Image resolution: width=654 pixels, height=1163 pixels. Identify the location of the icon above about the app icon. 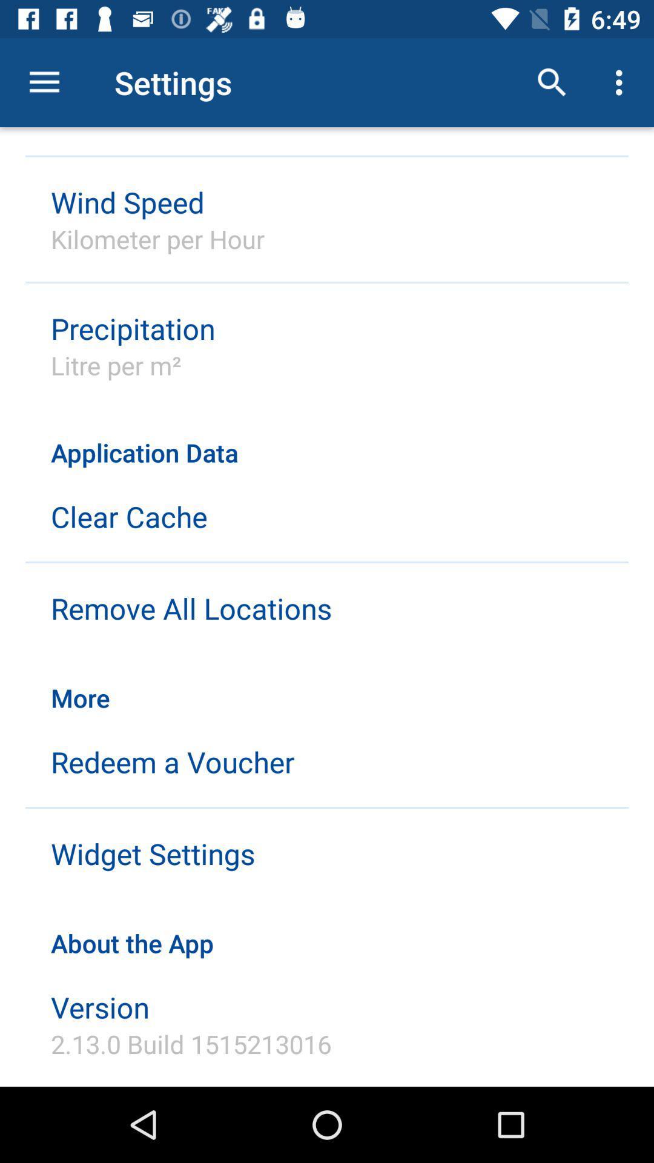
(152, 853).